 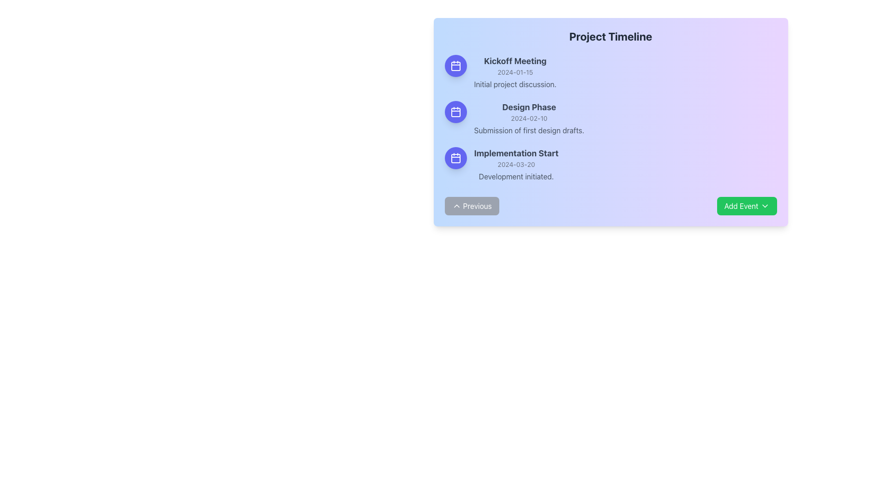 What do you see at coordinates (515, 176) in the screenshot?
I see `the descriptive label providing additional information about the status of the 'Implementation Start' milestone, located directly under the date '2024-03-20' in the bottom right of the timeline card` at bounding box center [515, 176].